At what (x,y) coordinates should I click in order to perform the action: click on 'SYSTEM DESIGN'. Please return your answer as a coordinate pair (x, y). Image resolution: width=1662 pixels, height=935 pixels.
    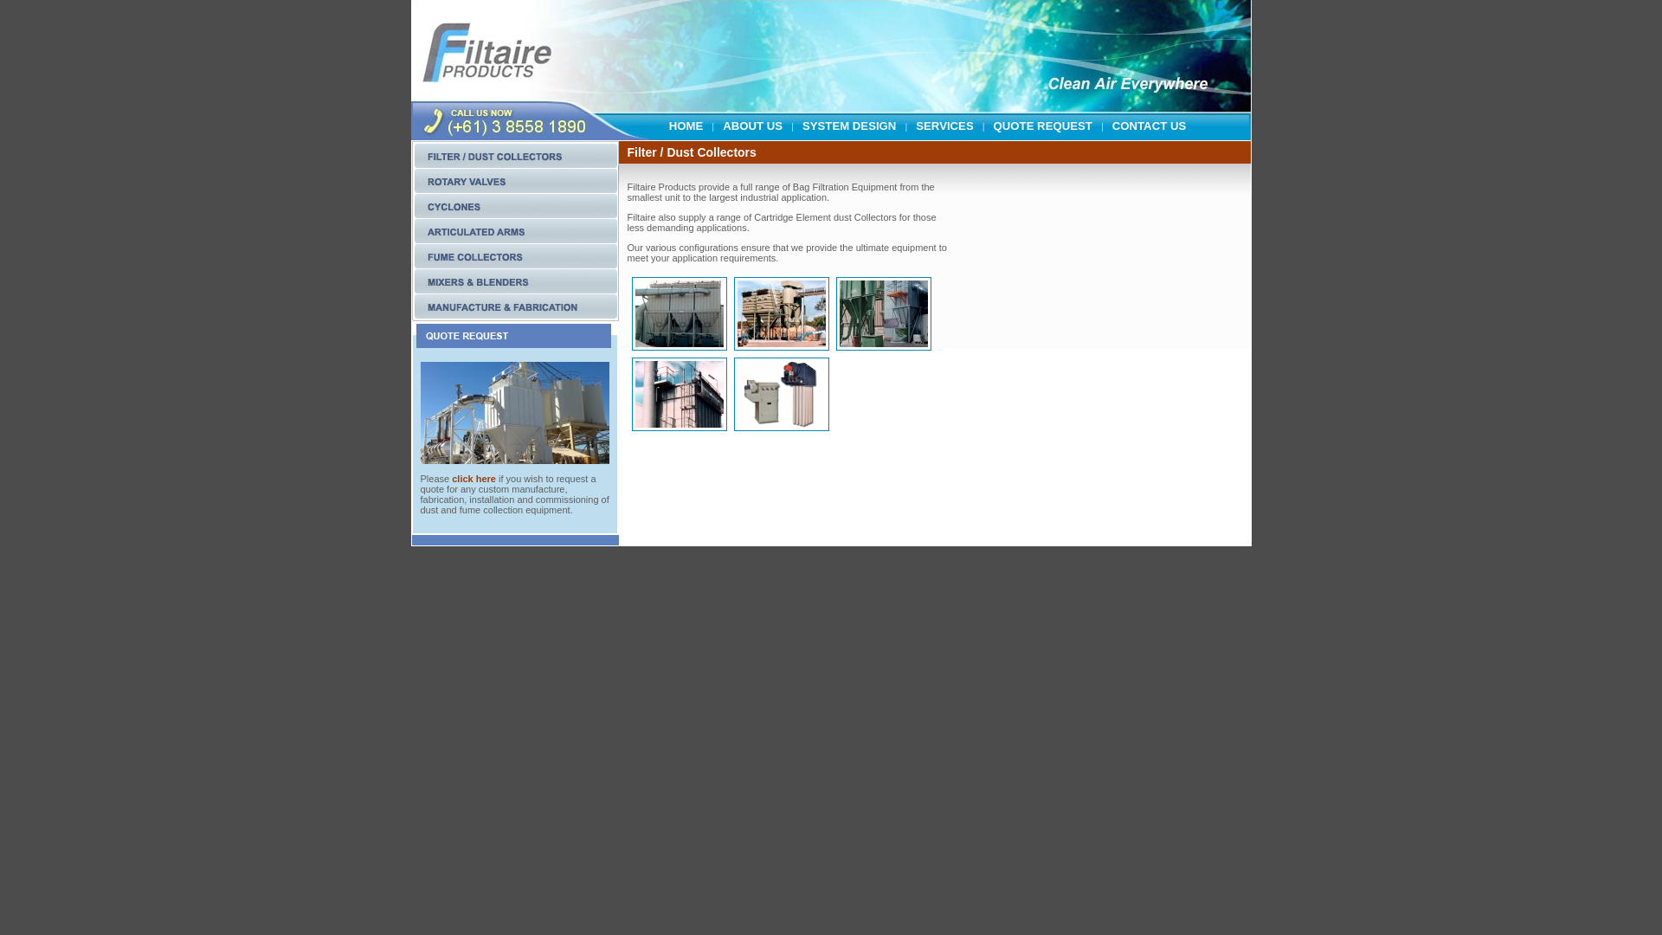
    Looking at the image, I should click on (848, 116).